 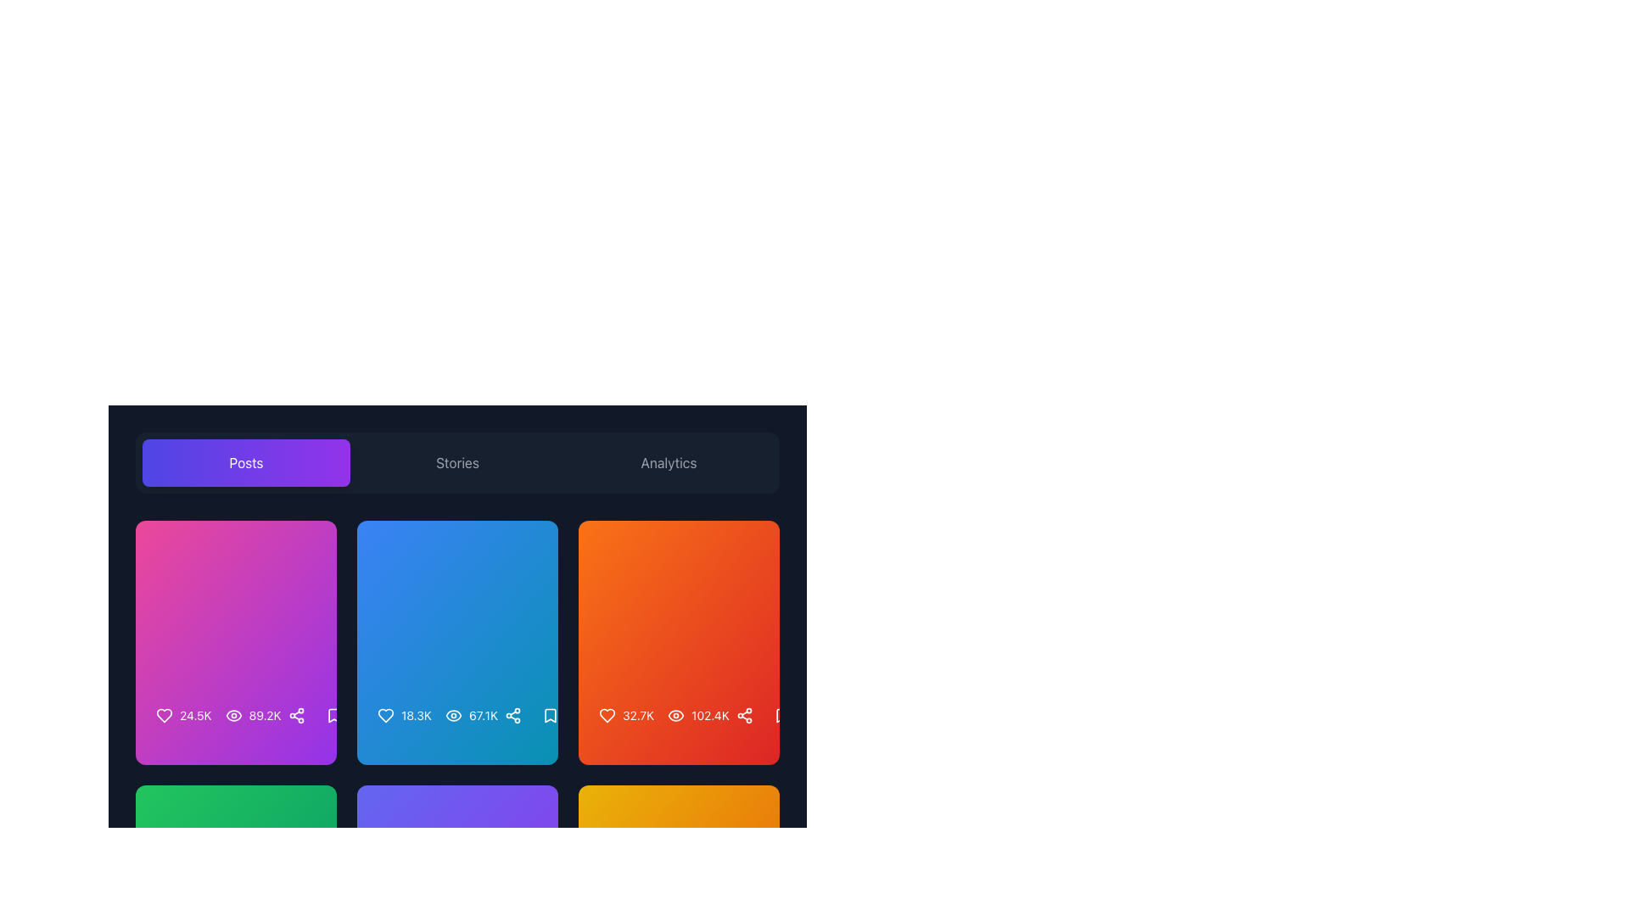 I want to click on the Grouped Metric Display with Icons that shows the metrics '32.7K' and '102.4K' with heart and eye icons, styled in white on an orange background, located in the lower section of the third card in the Posts grid, so click(x=663, y=716).